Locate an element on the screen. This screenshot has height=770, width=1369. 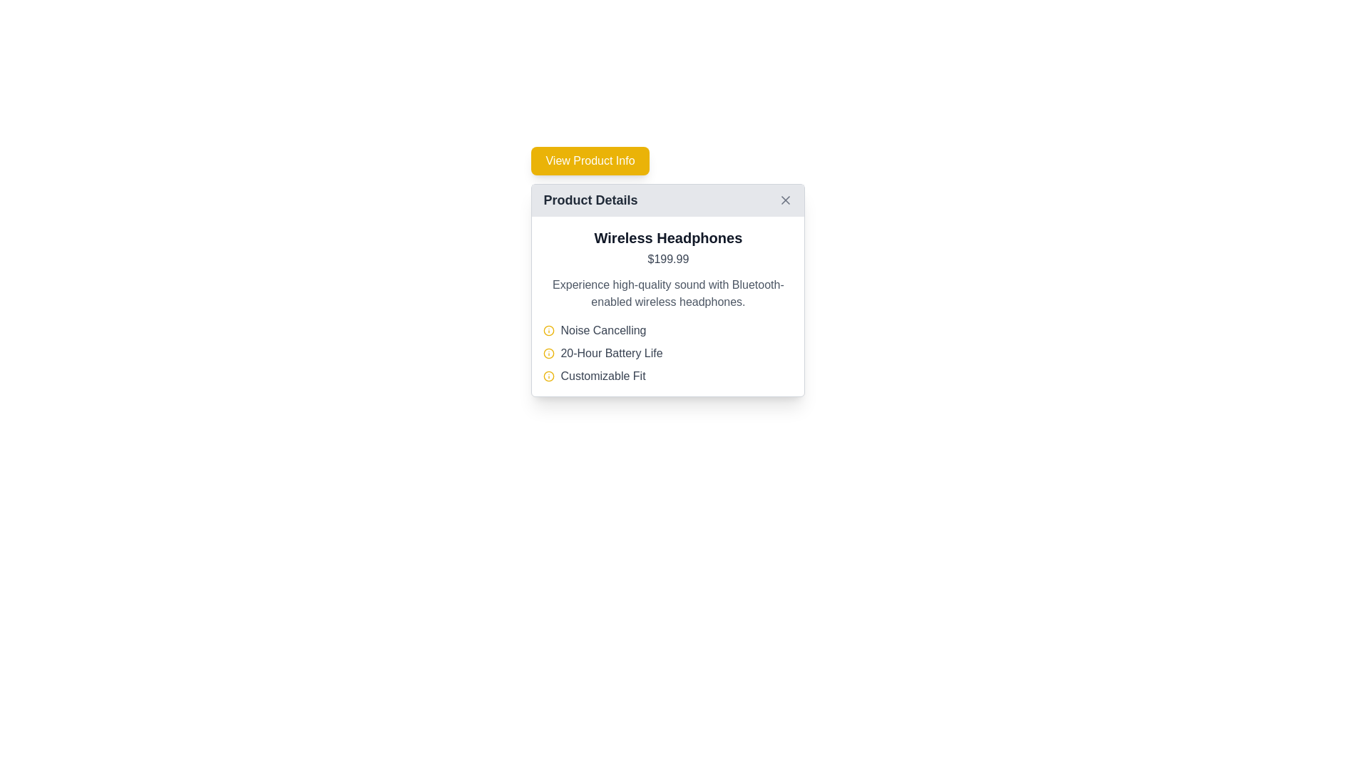
the third item in the vertically arranged list within the 'Product Details' modal that provides descriptive information about the product's customizable fit feature, located below '20-Hour Battery Life' is located at coordinates (667, 376).